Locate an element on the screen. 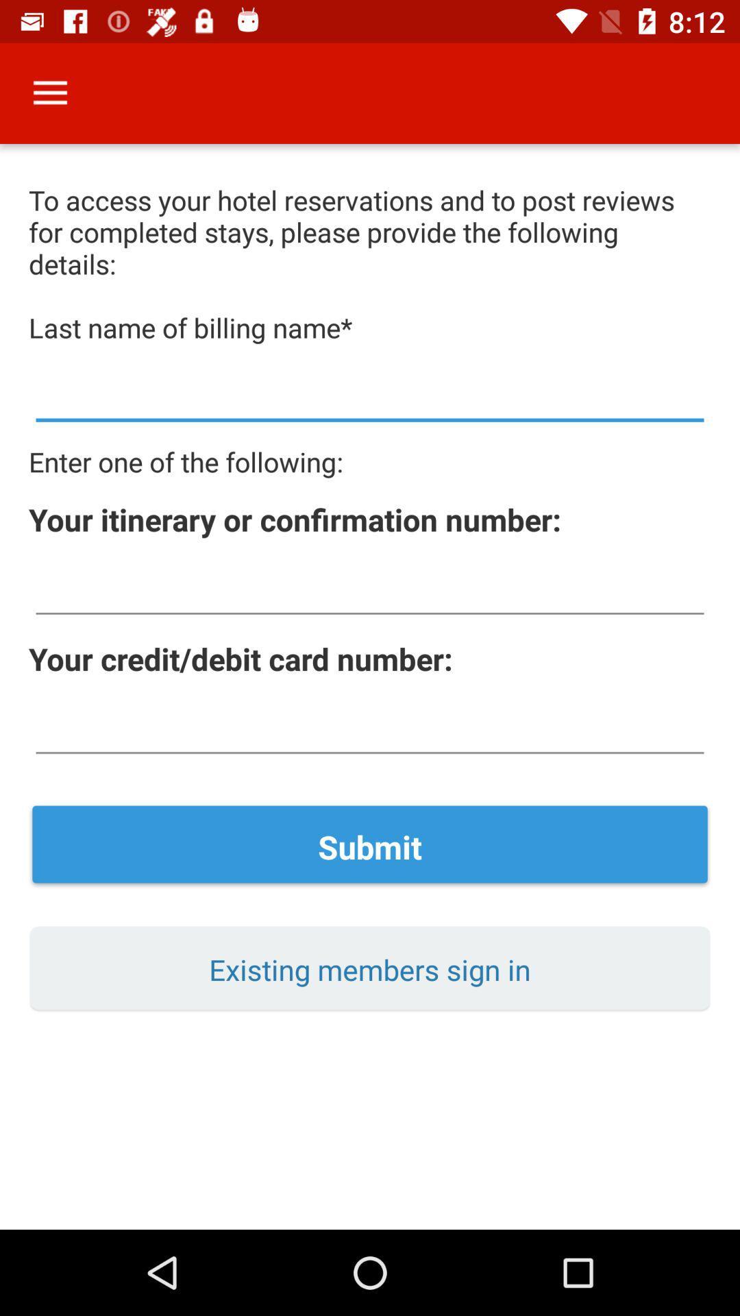 Image resolution: width=740 pixels, height=1316 pixels. text box for credit card number is located at coordinates (370, 727).